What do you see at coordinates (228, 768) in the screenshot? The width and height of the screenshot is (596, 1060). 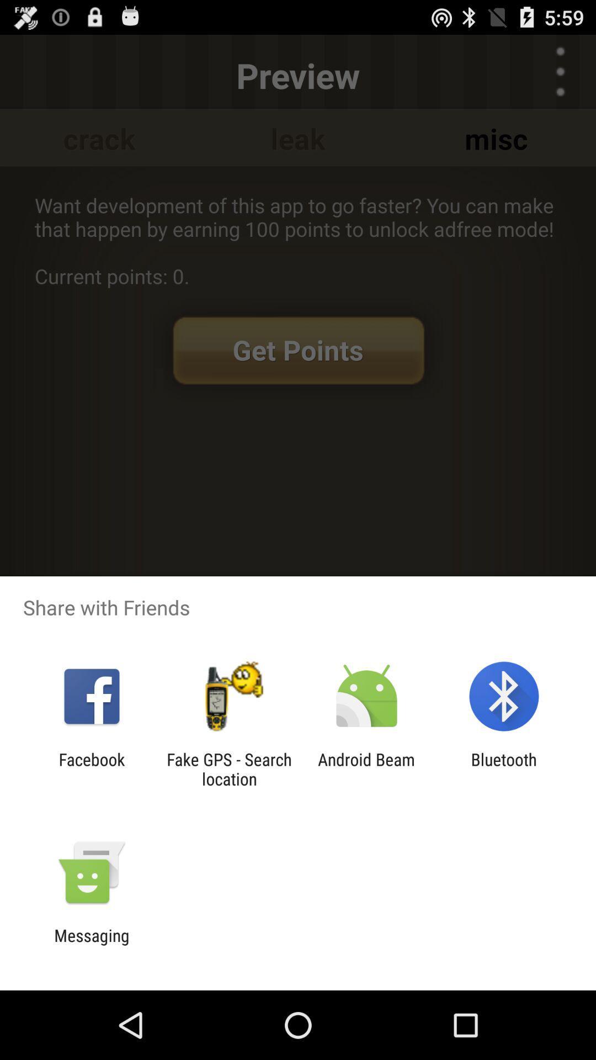 I see `the icon to the right of the facebook app` at bounding box center [228, 768].